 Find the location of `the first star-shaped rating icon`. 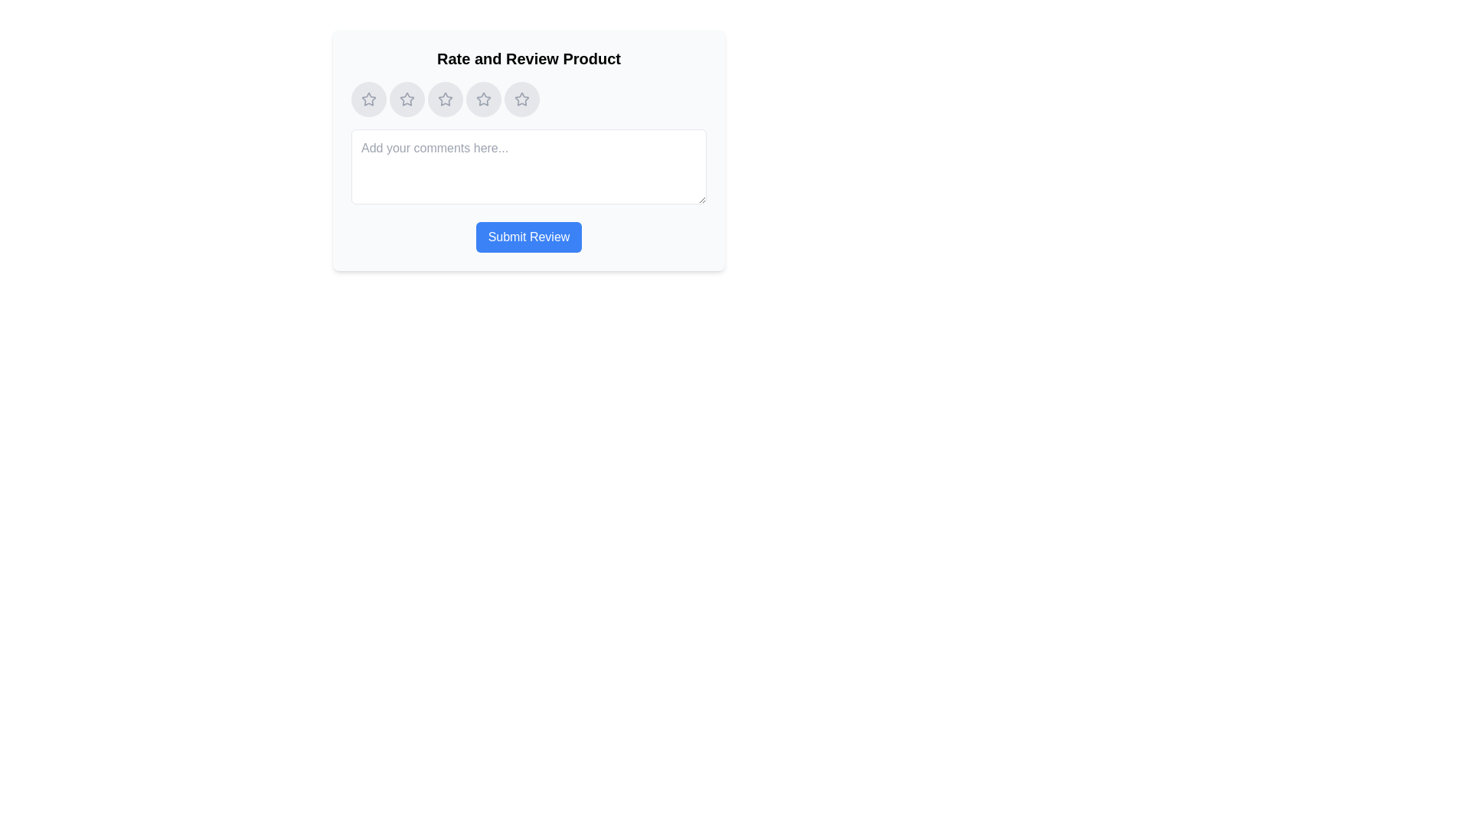

the first star-shaped rating icon is located at coordinates (368, 99).